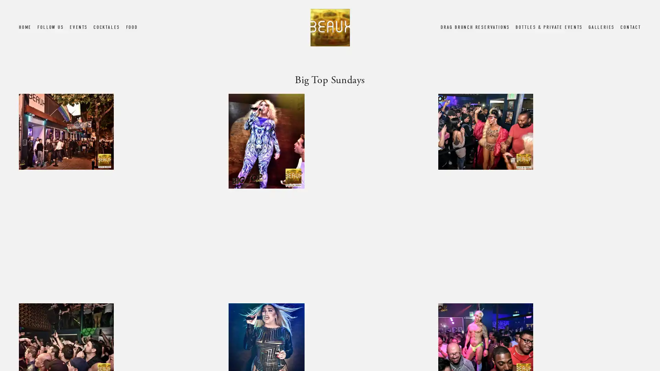 The width and height of the screenshot is (660, 371). Describe the element at coordinates (120, 195) in the screenshot. I see `View fullsize Big Top Sunday 1.jpg` at that location.